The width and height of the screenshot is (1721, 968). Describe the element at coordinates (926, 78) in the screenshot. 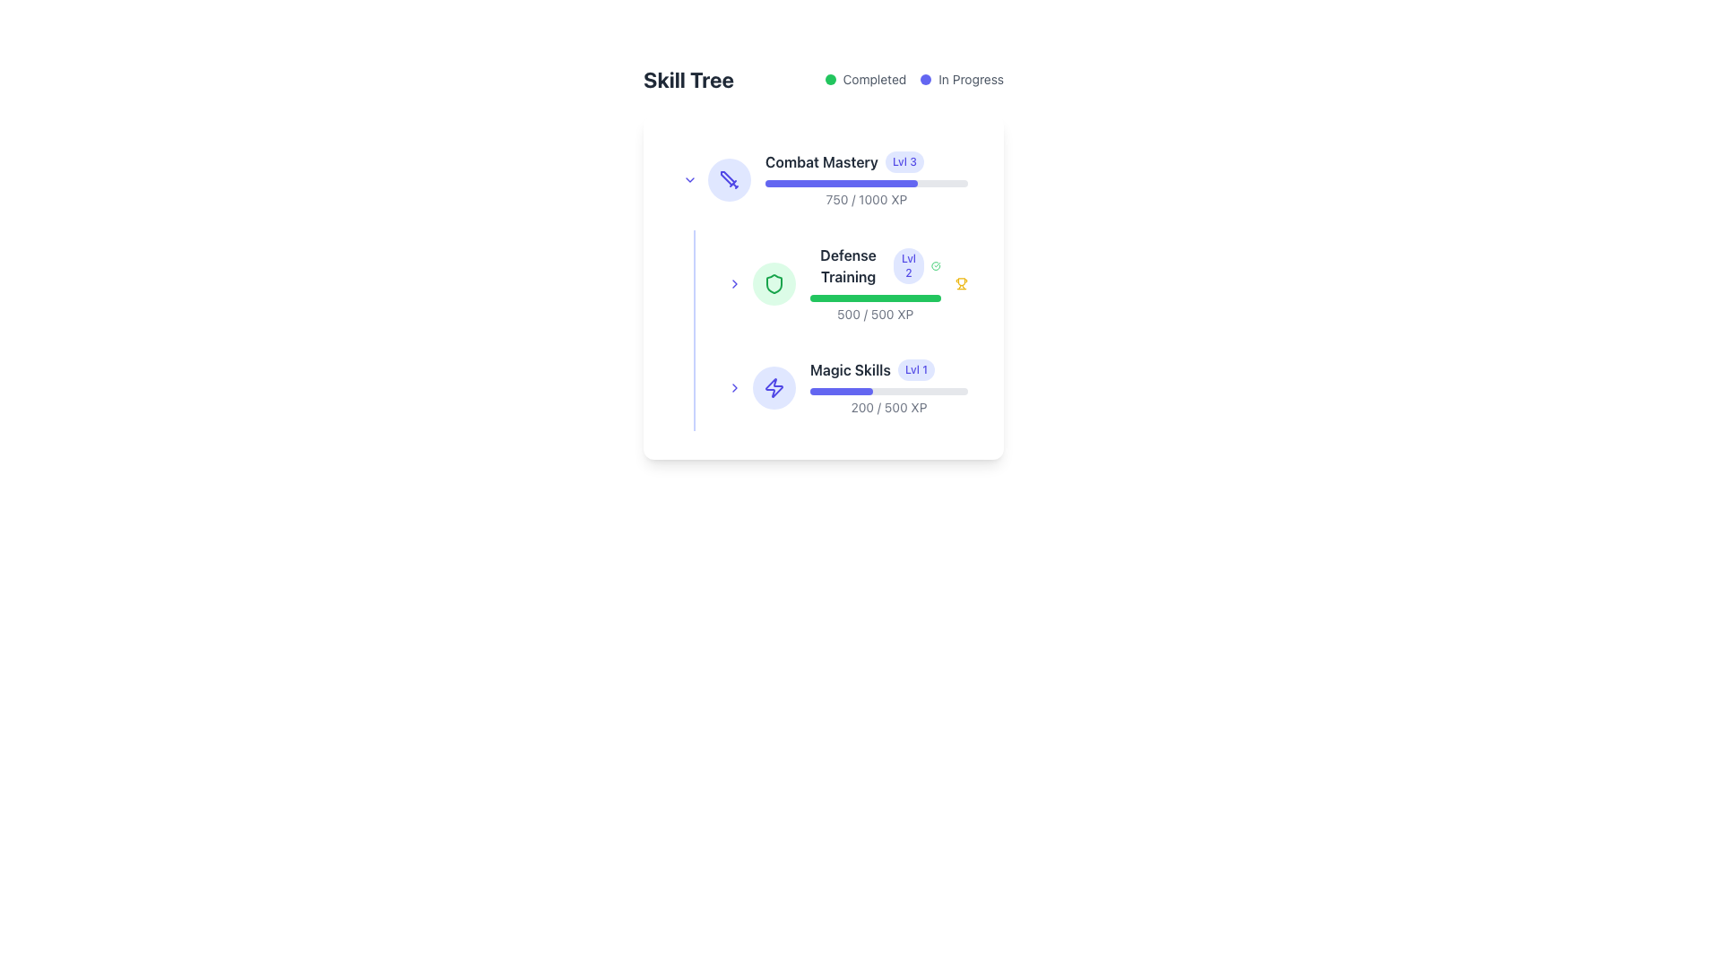

I see `the circular status indicator representing the 'In Progress' status, which is located to the left of the text label 'In Progress'` at that location.